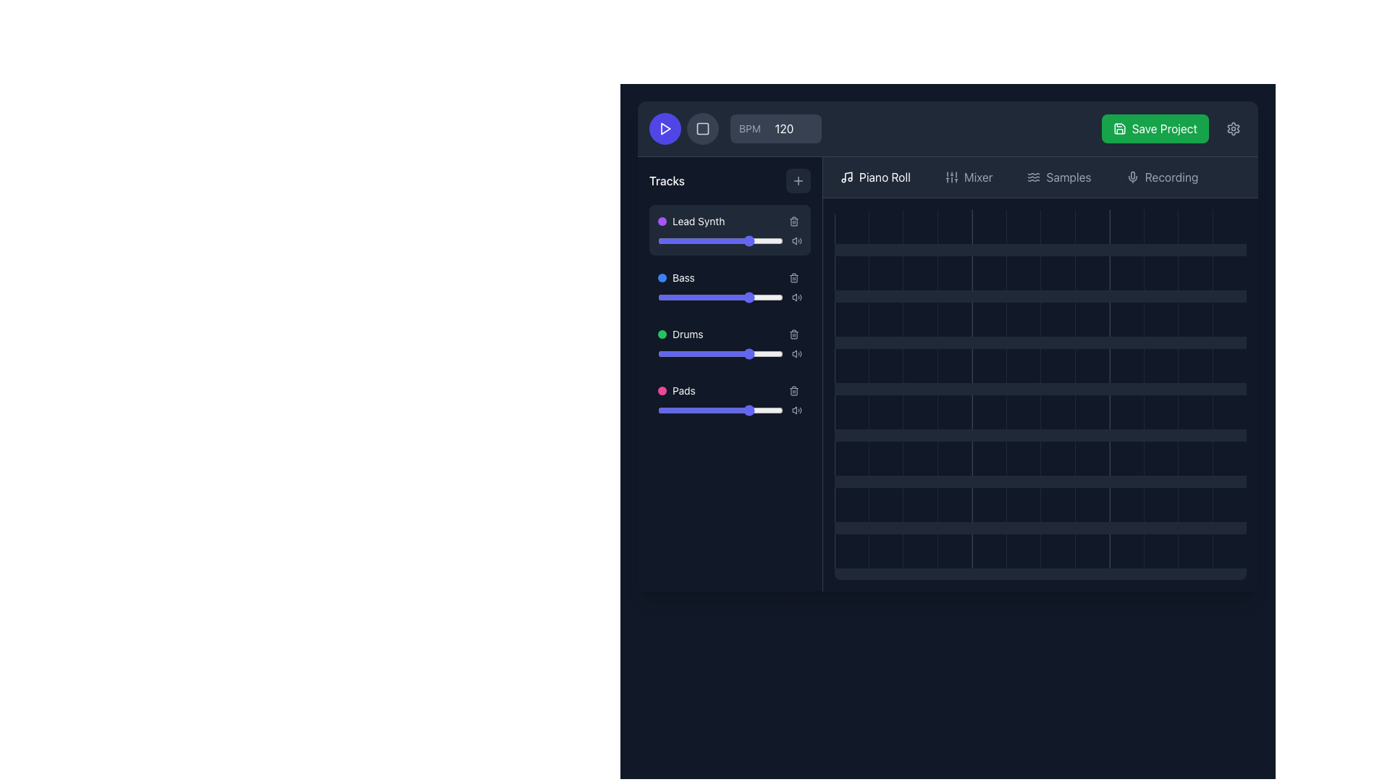  Describe the element at coordinates (793, 354) in the screenshot. I see `the volume icon resembling a speaker in the volume control area of the Drums track to potentially toggle sound control` at that location.